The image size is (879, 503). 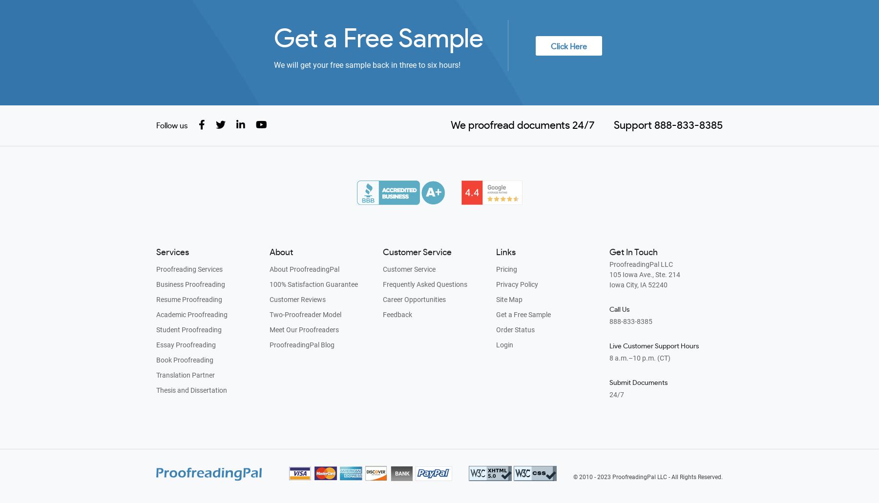 What do you see at coordinates (641, 263) in the screenshot?
I see `'ProofreadingPal LLC'` at bounding box center [641, 263].